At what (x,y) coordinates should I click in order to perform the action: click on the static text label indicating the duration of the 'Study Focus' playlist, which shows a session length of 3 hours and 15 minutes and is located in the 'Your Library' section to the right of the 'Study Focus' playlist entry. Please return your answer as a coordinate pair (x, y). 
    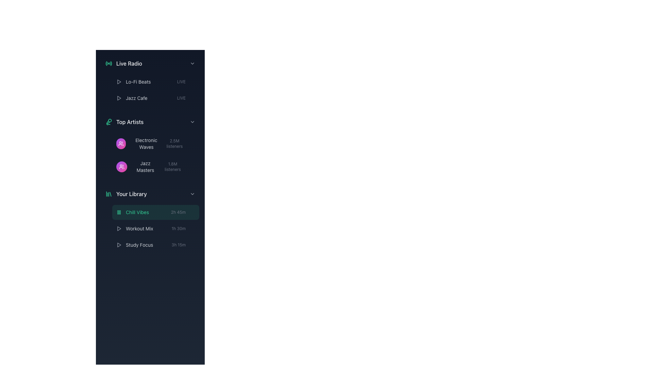
    Looking at the image, I should click on (179, 245).